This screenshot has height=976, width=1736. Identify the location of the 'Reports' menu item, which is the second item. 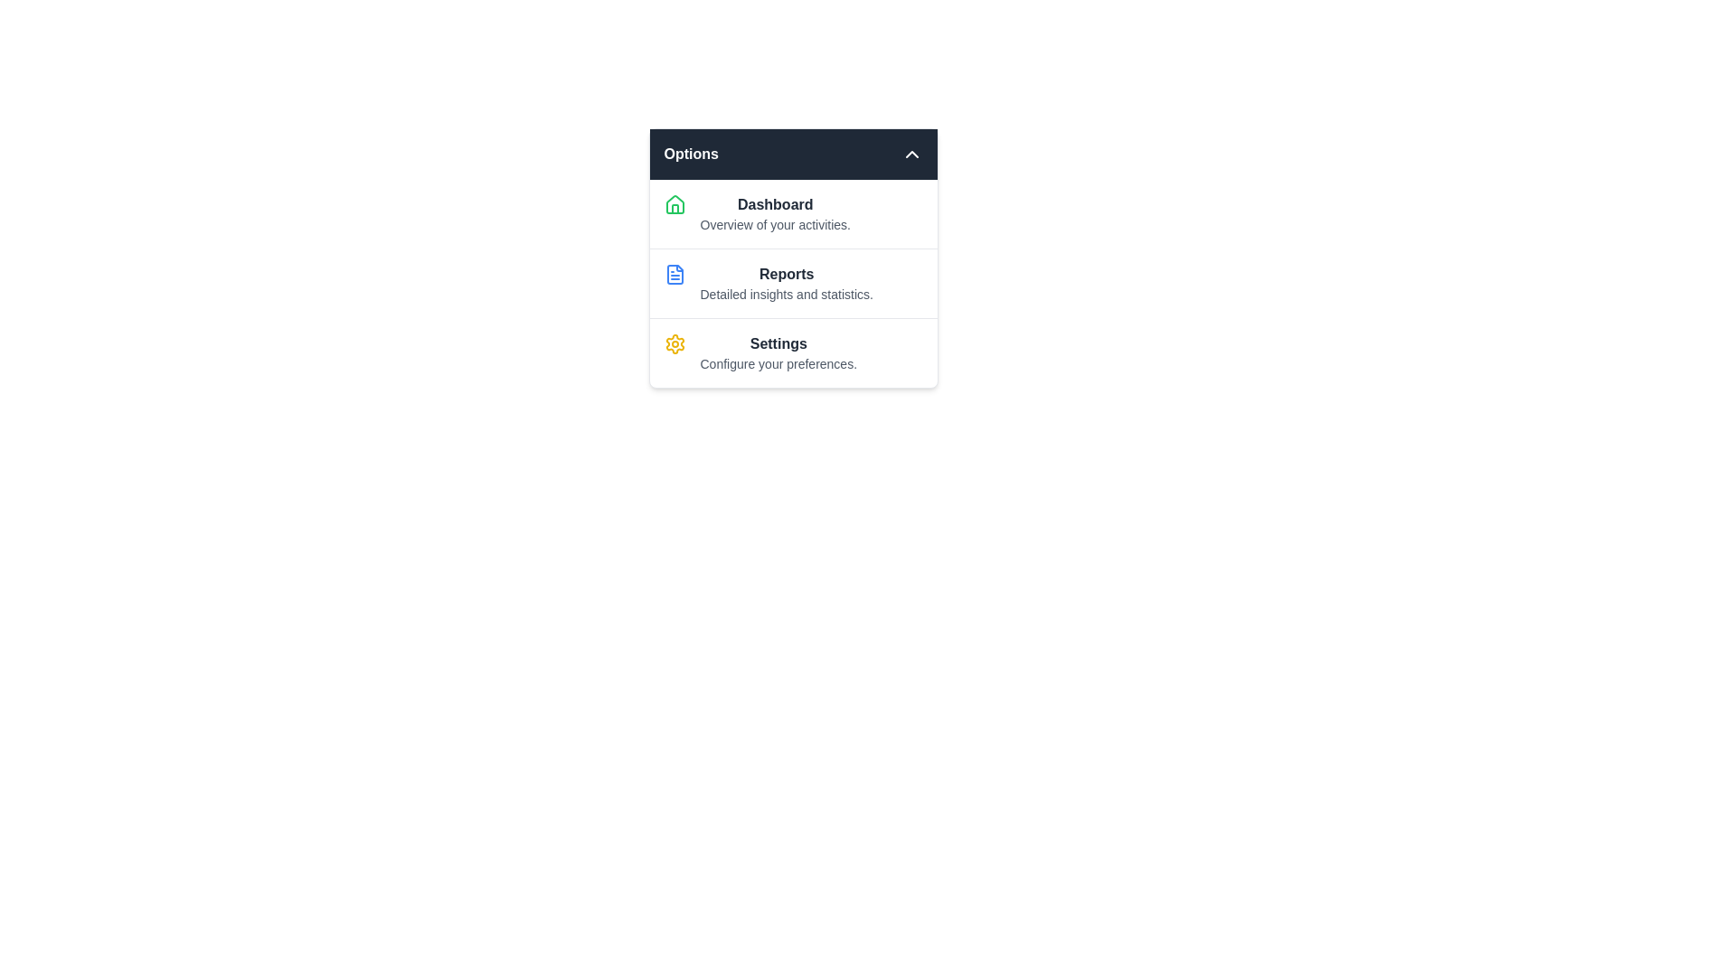
(786, 283).